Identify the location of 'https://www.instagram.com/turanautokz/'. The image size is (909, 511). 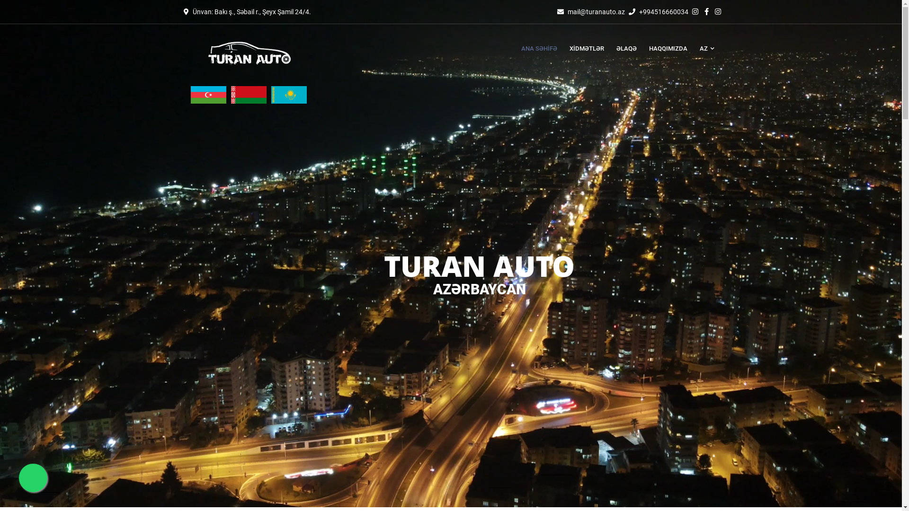
(715, 11).